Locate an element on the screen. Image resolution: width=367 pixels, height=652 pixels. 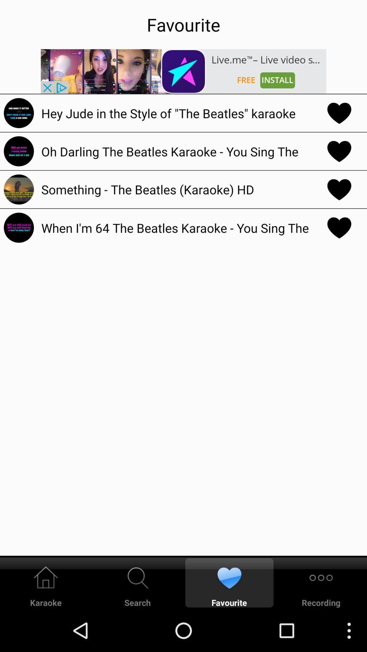
the icon to left side of oh darling the beatles karaoke  you sing the is located at coordinates (18, 151).